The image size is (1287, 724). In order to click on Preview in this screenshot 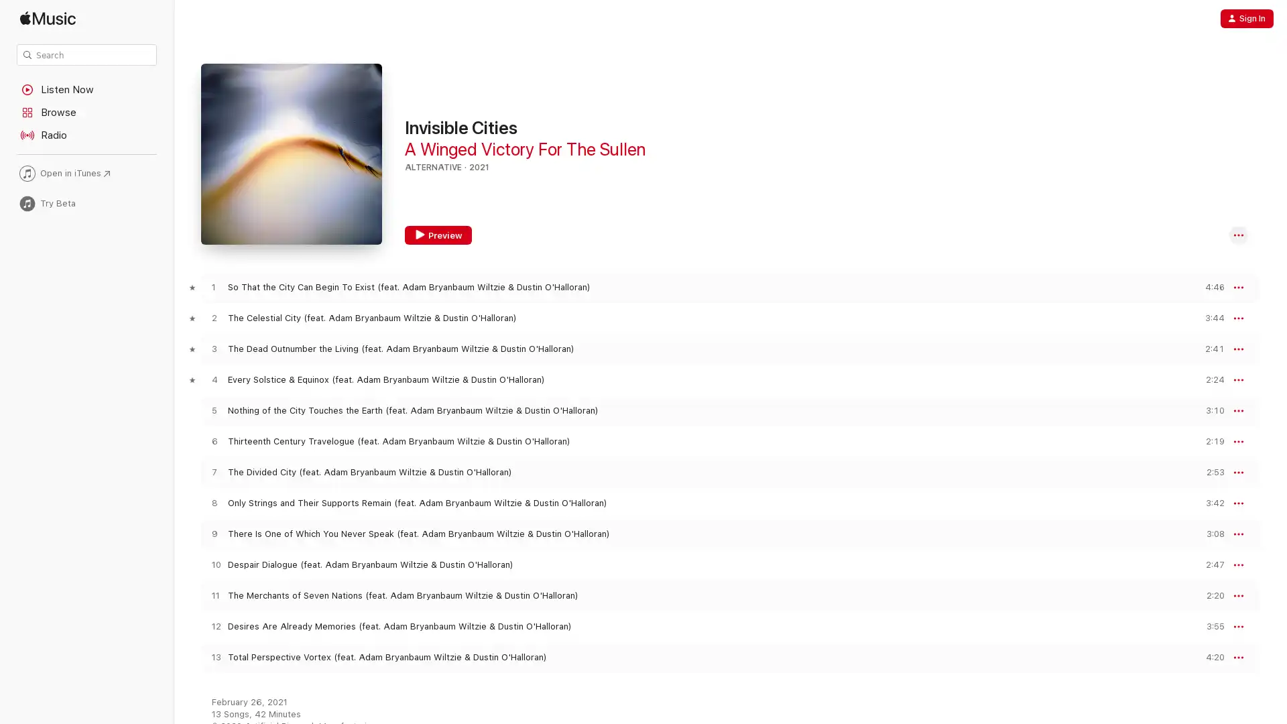, I will do `click(1209, 656)`.